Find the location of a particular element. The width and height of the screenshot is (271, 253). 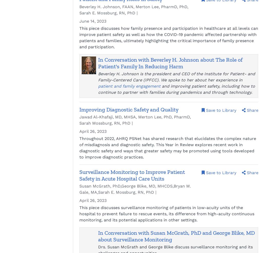

'and improving patient safety, including how to continue to partner with families during pandemics and through technology.' is located at coordinates (98, 89).